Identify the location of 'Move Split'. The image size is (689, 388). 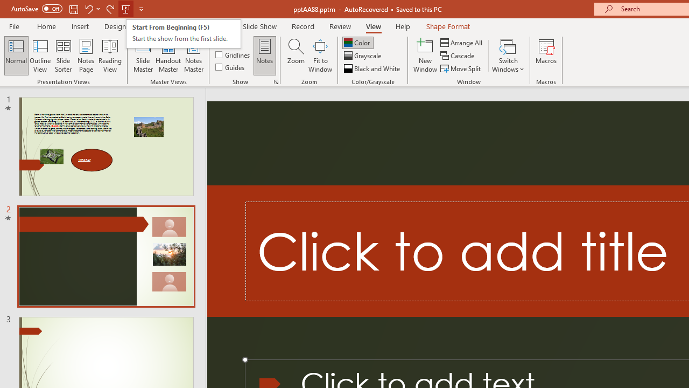
(461, 68).